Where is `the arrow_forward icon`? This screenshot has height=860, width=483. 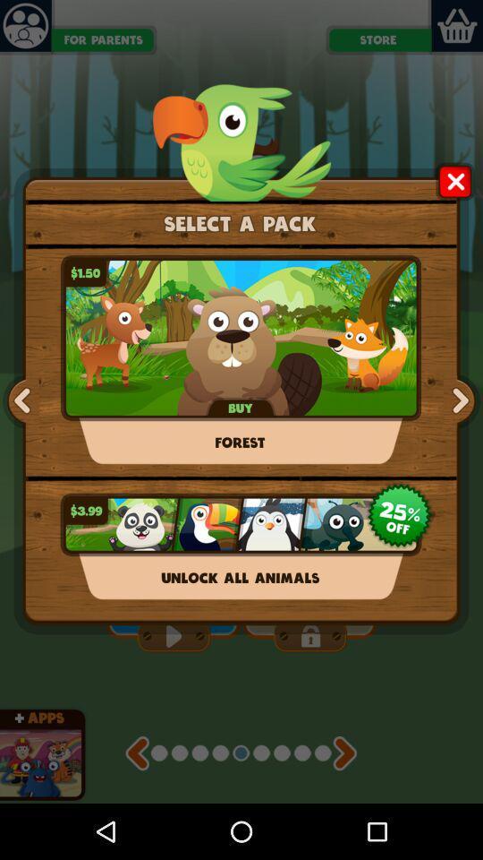
the arrow_forward icon is located at coordinates (458, 430).